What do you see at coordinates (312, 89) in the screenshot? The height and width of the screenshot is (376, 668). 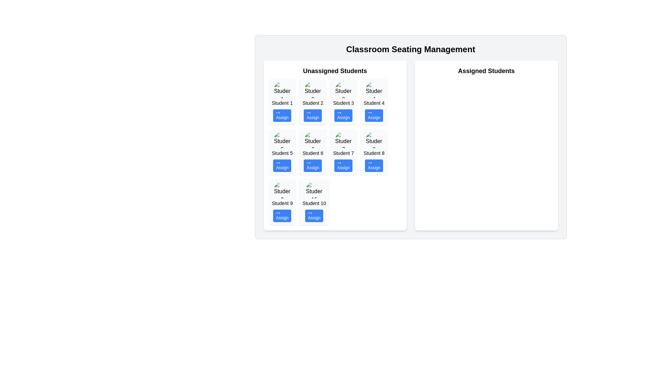 I see `the 'Student 2' image element` at bounding box center [312, 89].